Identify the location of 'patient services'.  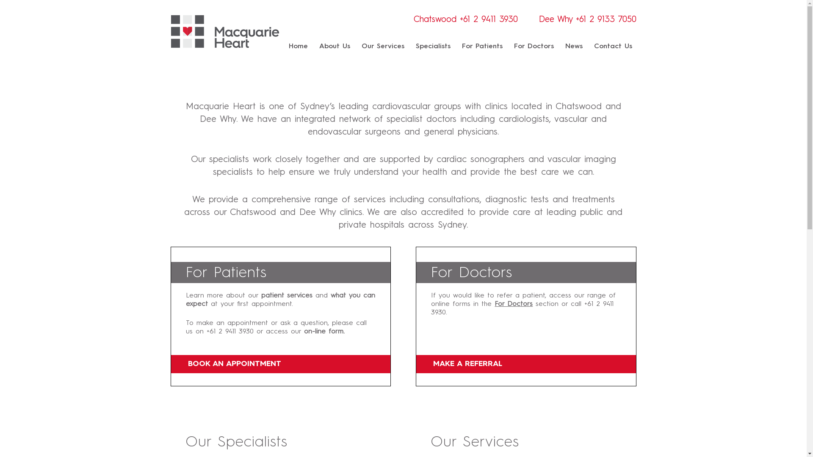
(260, 295).